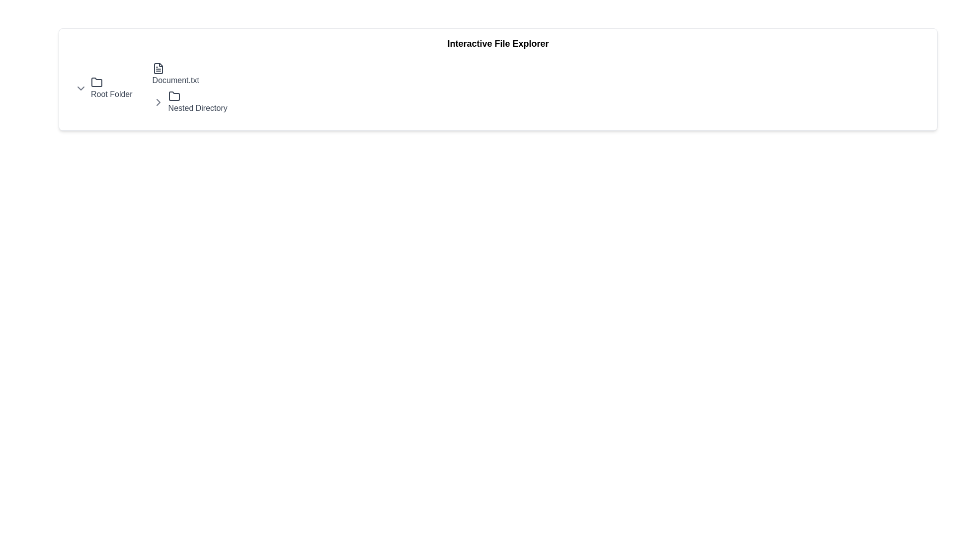 The height and width of the screenshot is (537, 954). What do you see at coordinates (111, 88) in the screenshot?
I see `the text labeled as 'Root Folder'` at bounding box center [111, 88].